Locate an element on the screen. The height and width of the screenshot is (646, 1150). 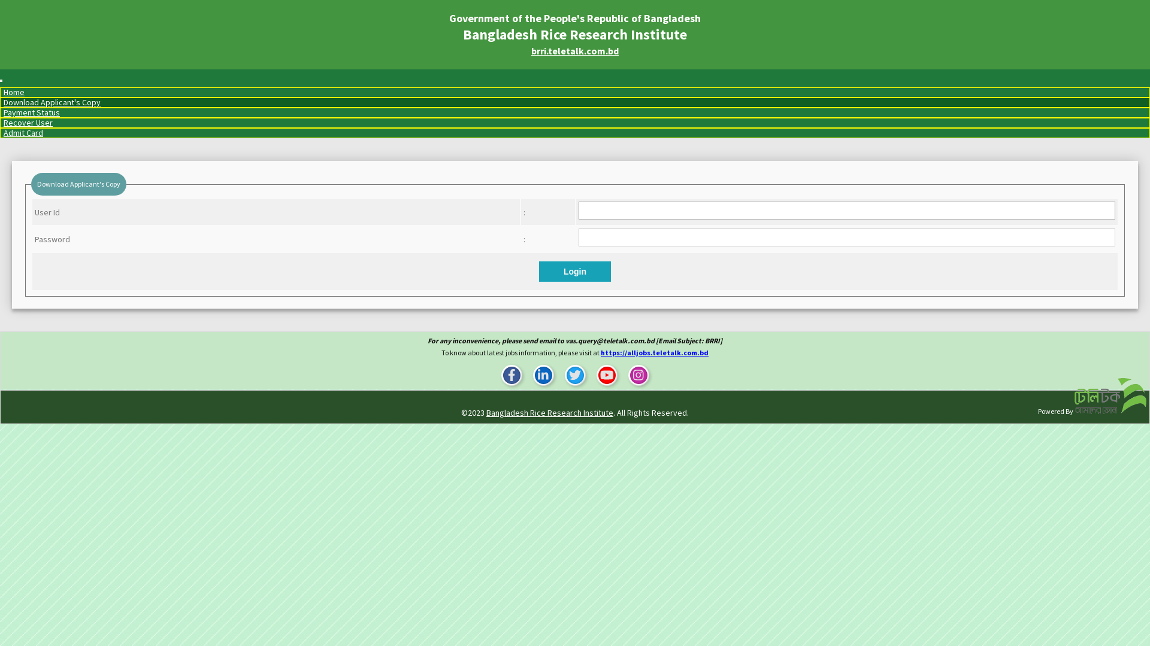
'Admit Card' is located at coordinates (23, 133).